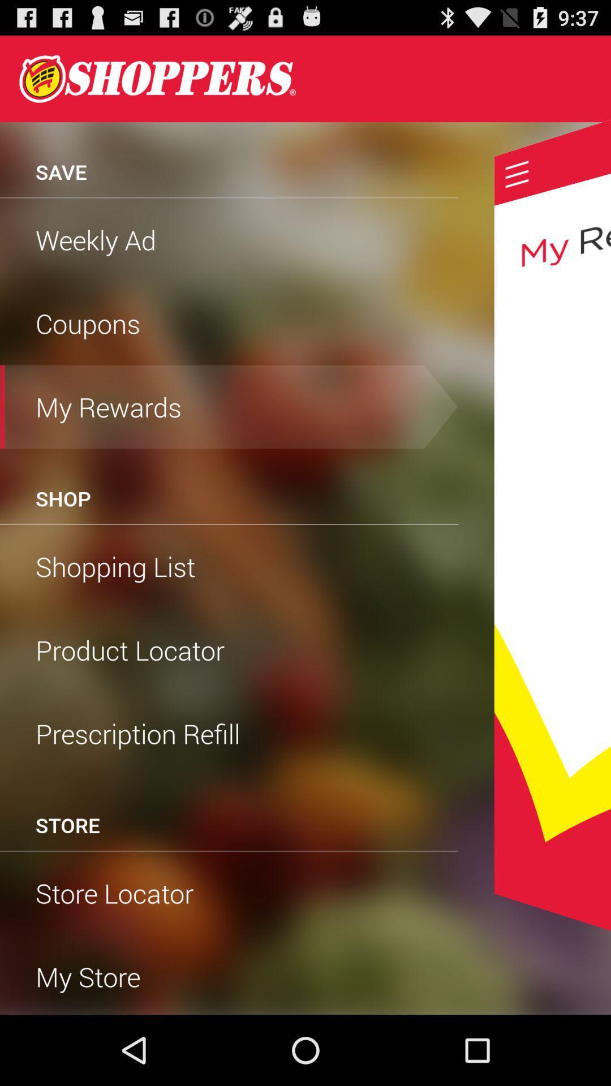 The image size is (611, 1086). Describe the element at coordinates (517, 173) in the screenshot. I see `menu option` at that location.